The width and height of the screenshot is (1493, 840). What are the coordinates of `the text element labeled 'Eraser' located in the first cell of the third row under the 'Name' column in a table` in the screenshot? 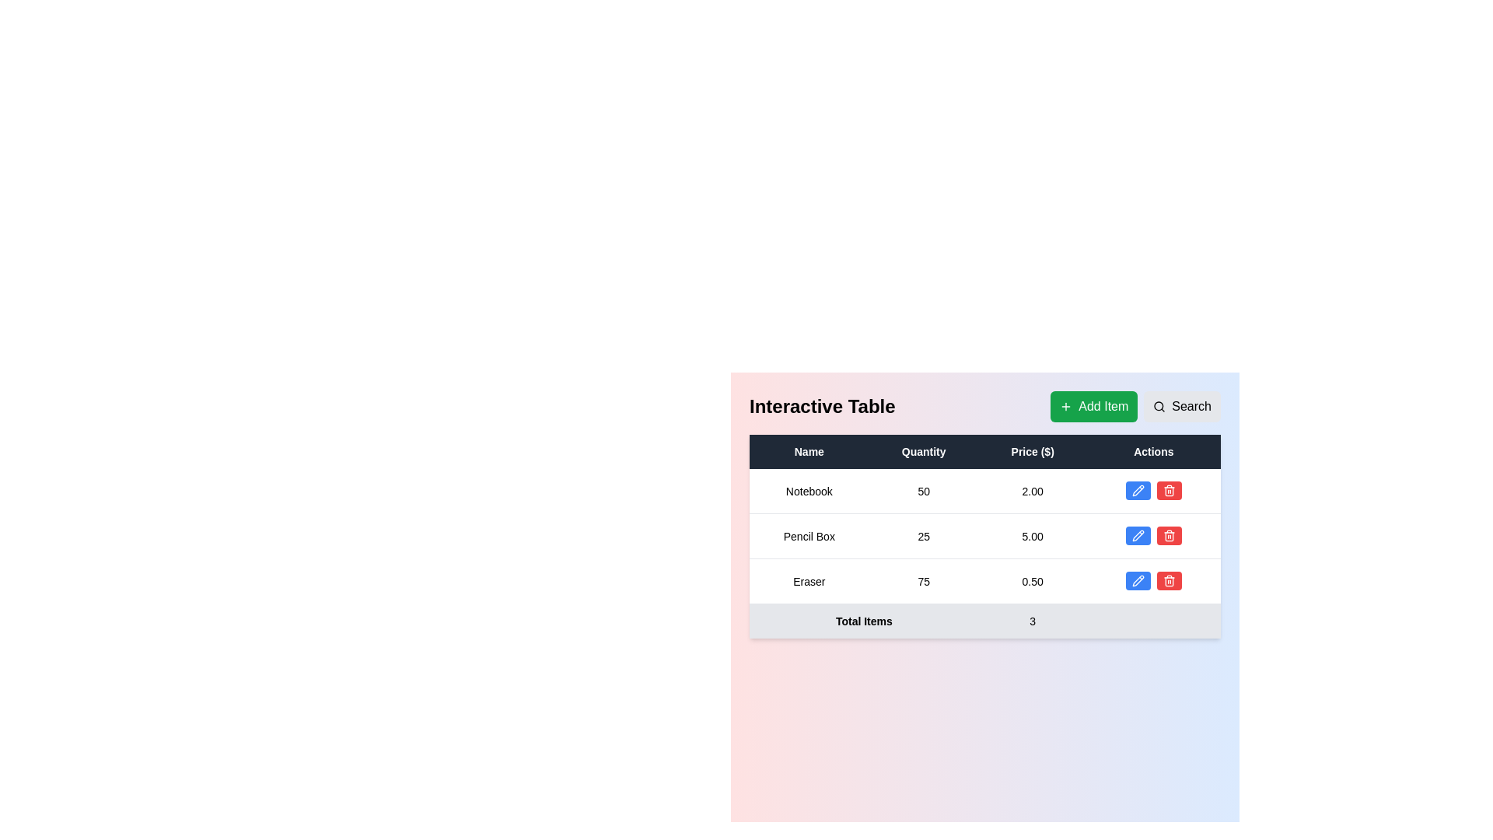 It's located at (809, 581).